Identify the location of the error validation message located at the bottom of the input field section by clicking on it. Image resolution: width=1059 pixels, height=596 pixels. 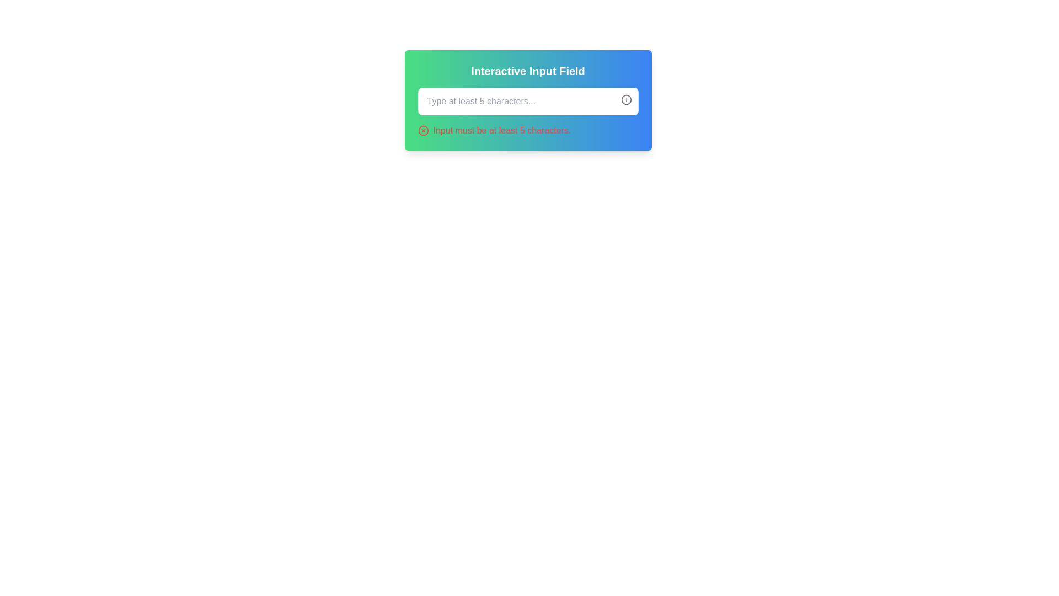
(527, 130).